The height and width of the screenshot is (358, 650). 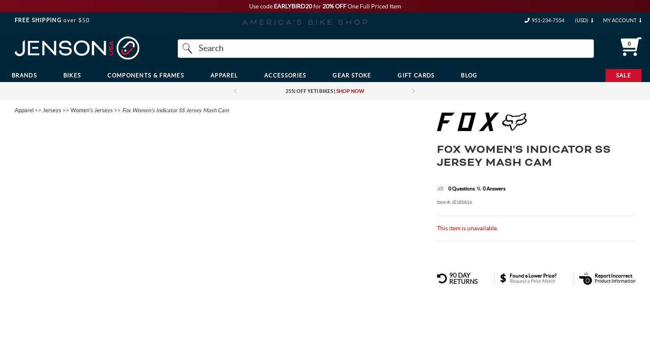 I want to click on 'Components & Frames', so click(x=145, y=75).